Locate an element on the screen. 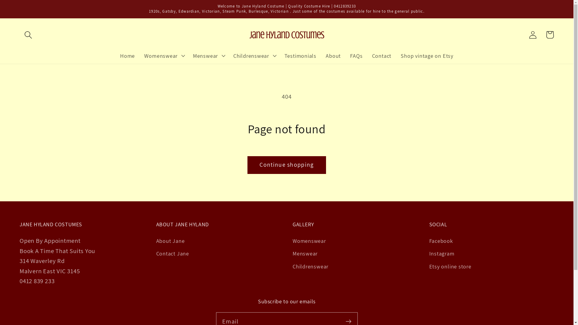 This screenshot has width=578, height=325. 'Etsy online store' is located at coordinates (450, 266).